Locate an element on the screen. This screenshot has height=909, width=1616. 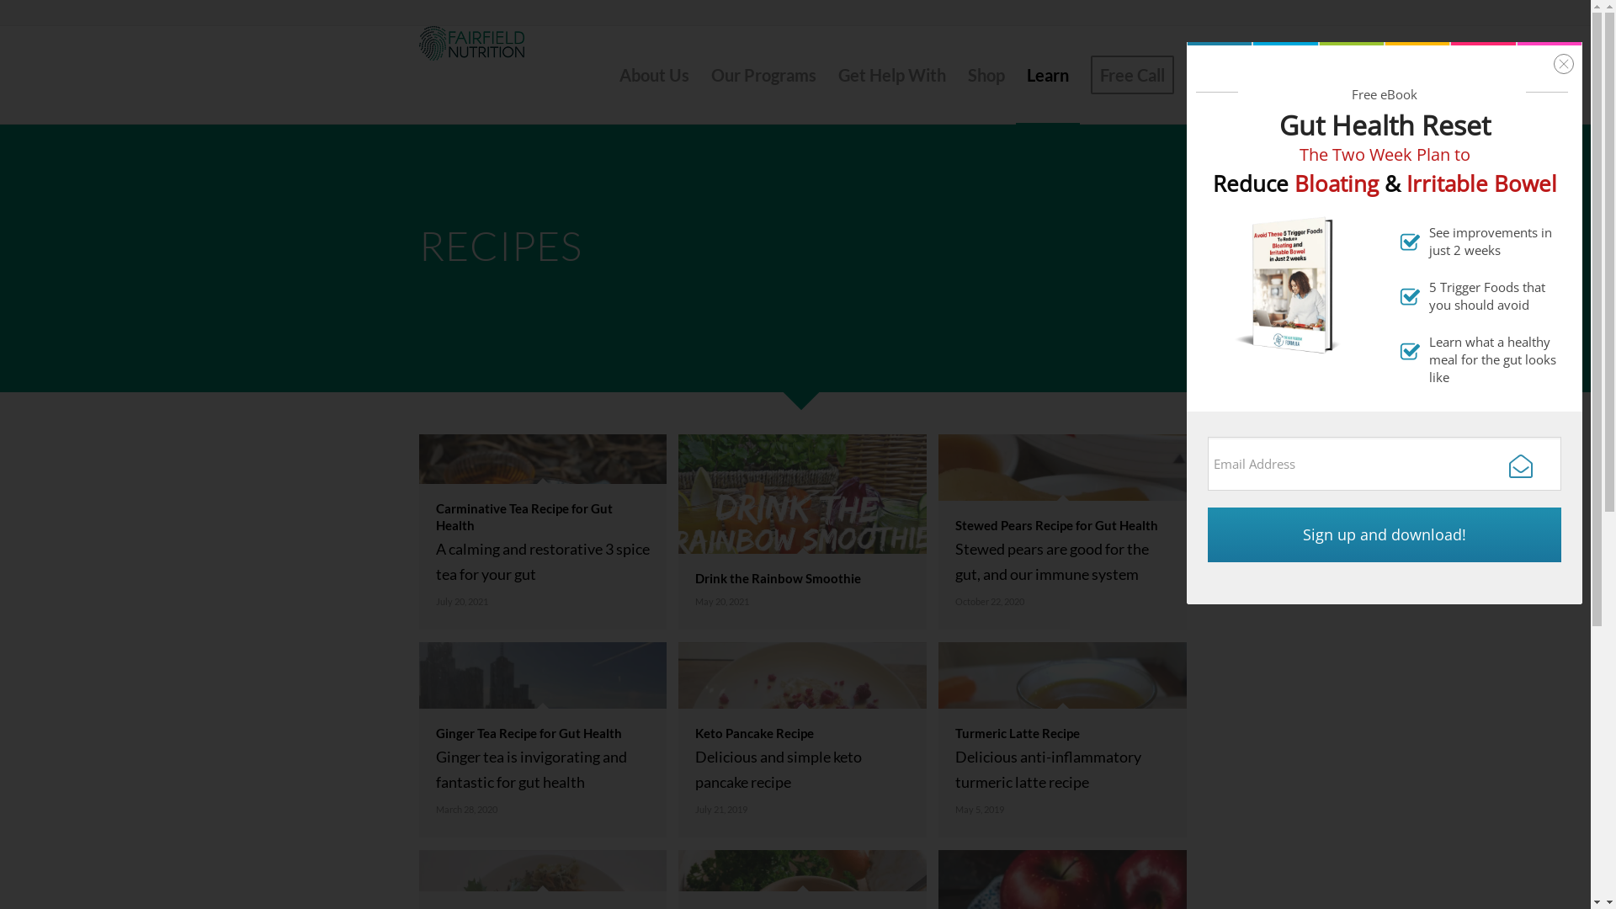
'Shop' is located at coordinates (956, 73).